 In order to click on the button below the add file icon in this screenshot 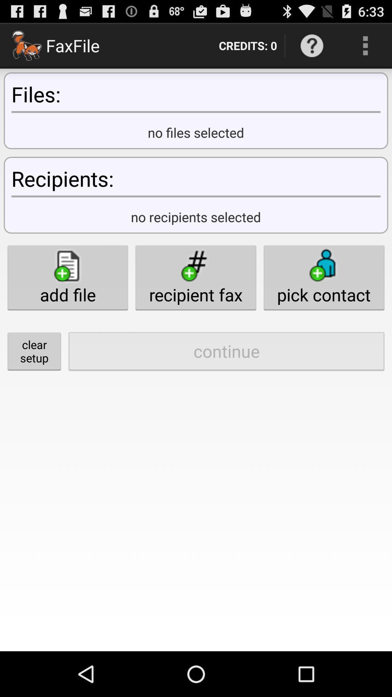, I will do `click(226, 351)`.